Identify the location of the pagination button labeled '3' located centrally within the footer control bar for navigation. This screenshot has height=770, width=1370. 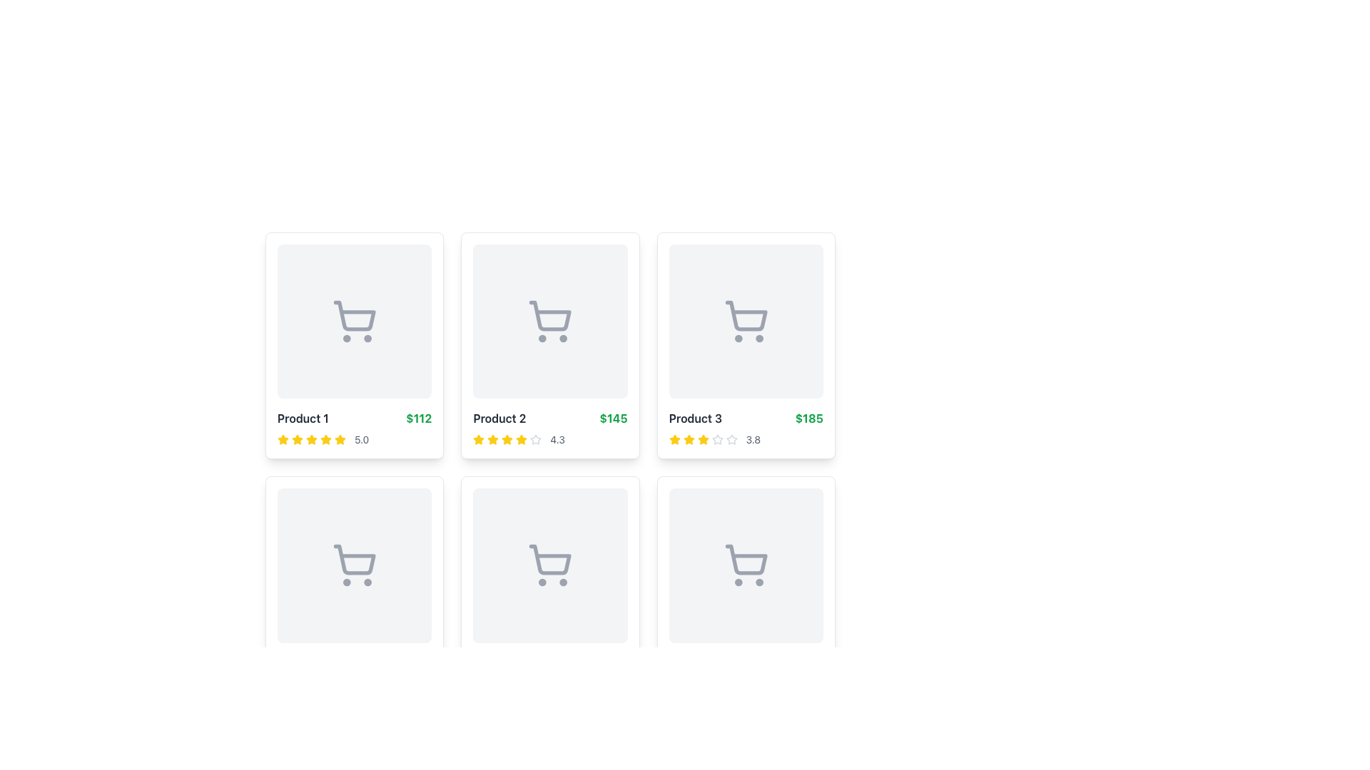
(741, 746).